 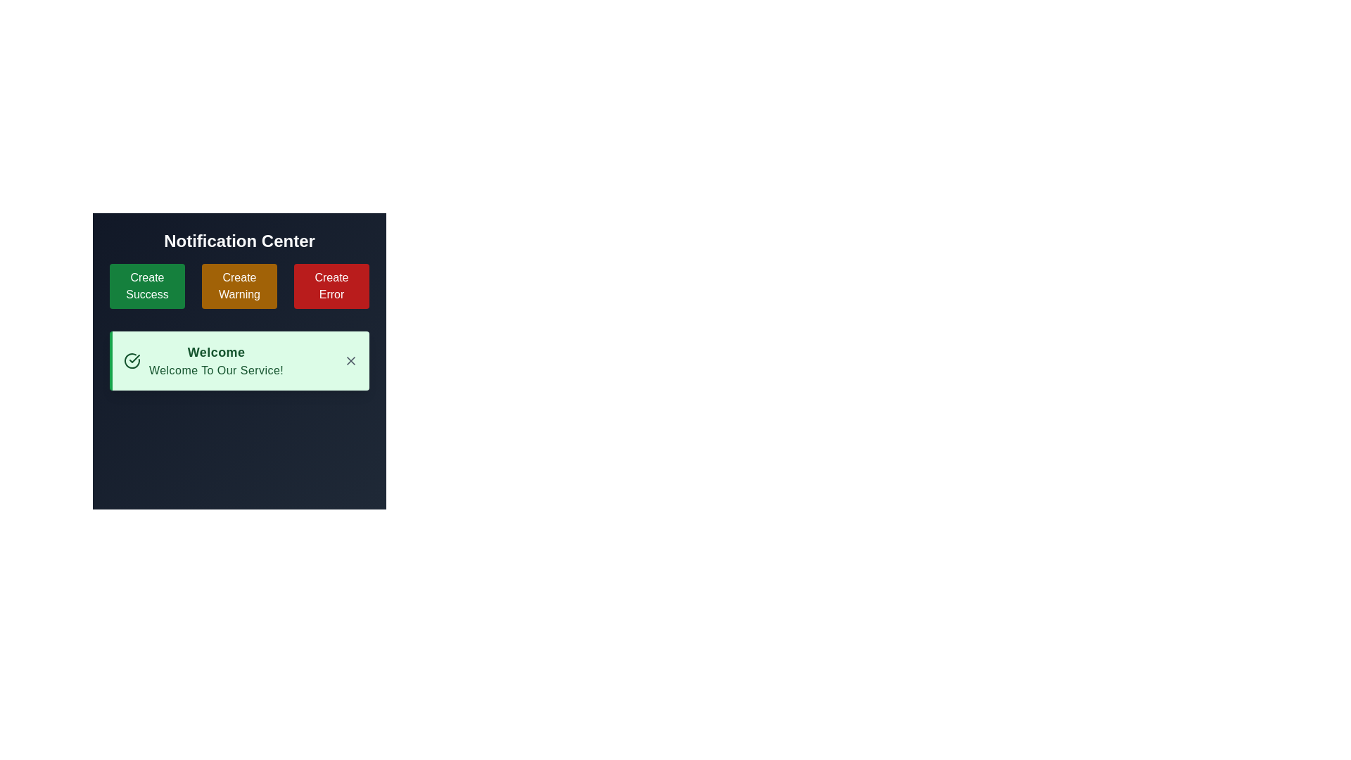 I want to click on the Notification box located in the bottom half of the 'Notification Center', which provides a welcome message and has a close button, so click(x=239, y=360).